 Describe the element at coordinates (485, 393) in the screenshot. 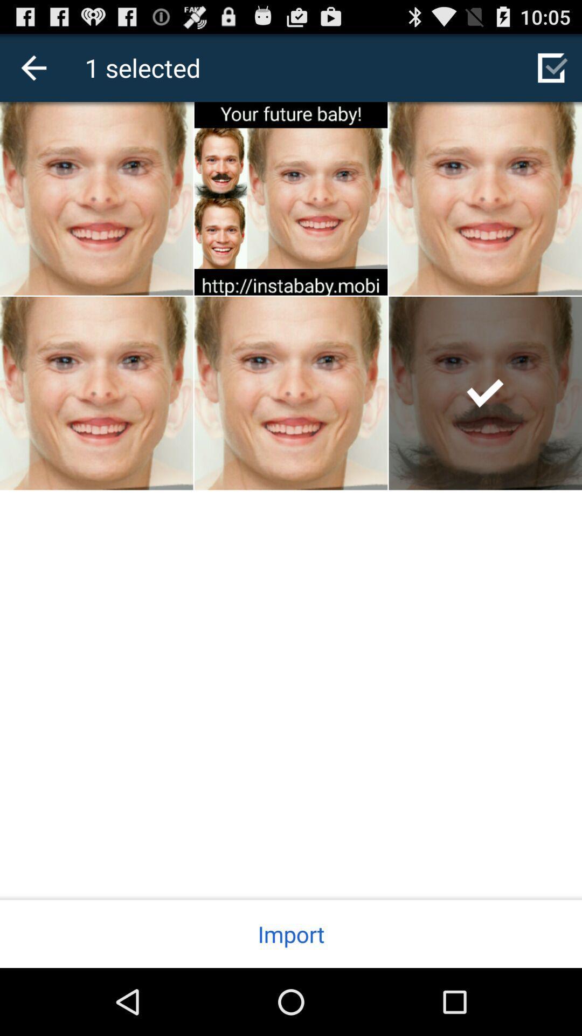

I see `tick symbol in the last image` at that location.